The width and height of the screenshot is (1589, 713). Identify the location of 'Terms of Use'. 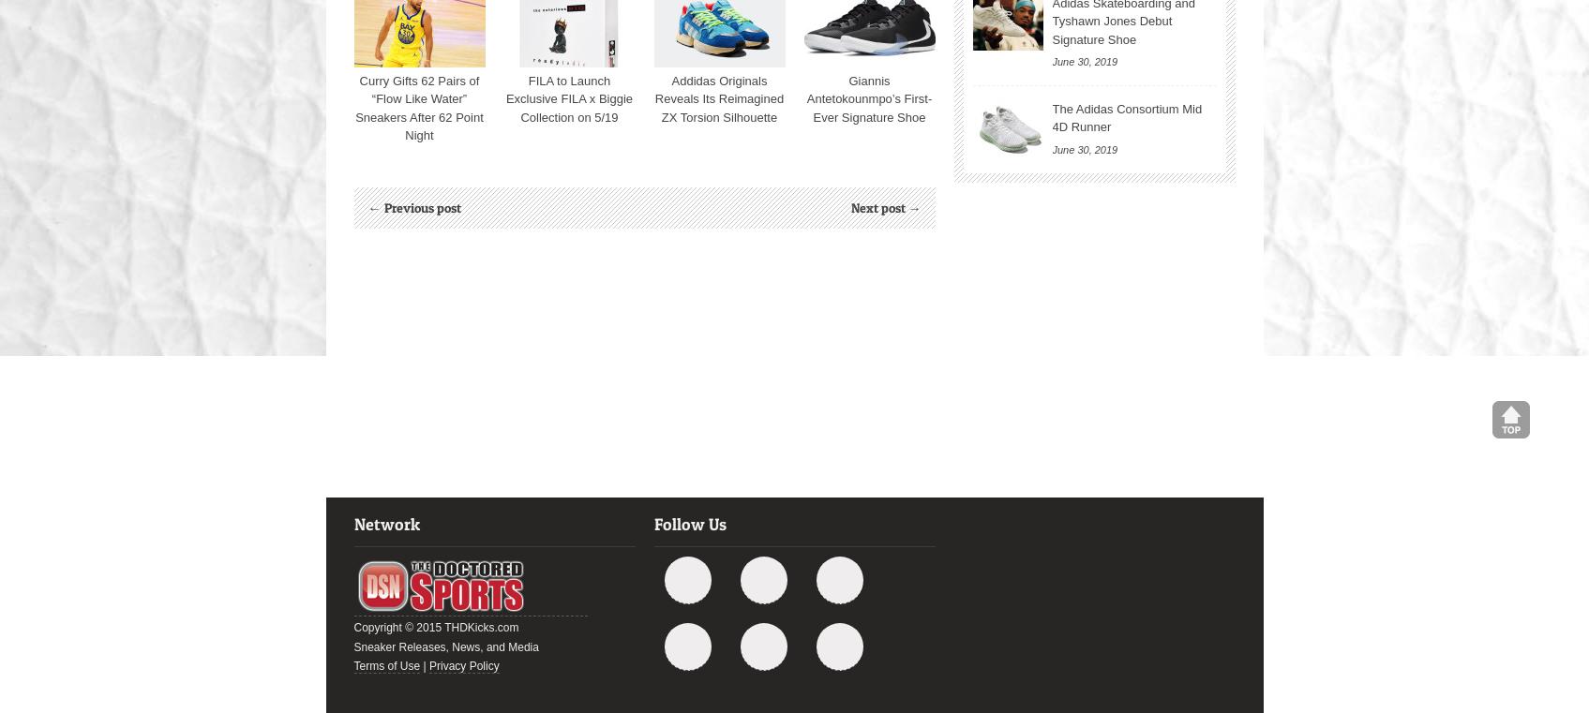
(352, 666).